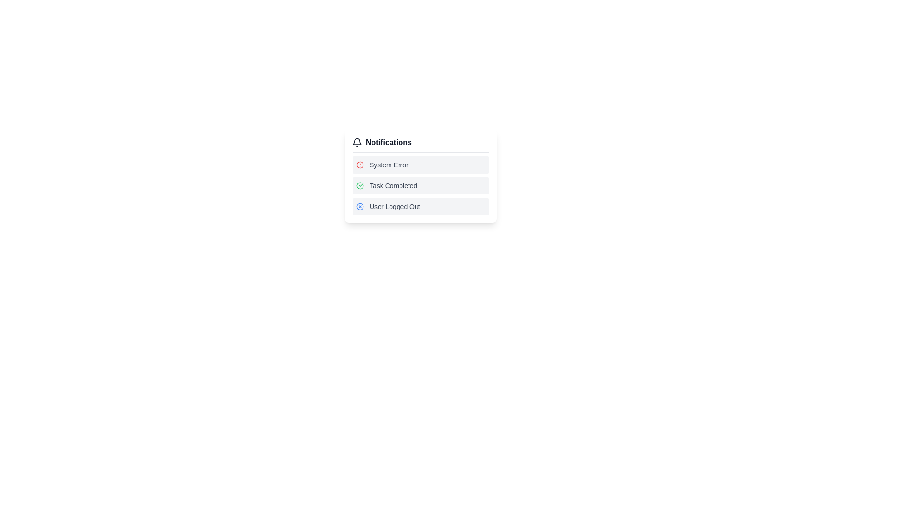  What do you see at coordinates (389, 164) in the screenshot?
I see `text label displaying 'System Error' located next to a red alert icon in the notification block` at bounding box center [389, 164].